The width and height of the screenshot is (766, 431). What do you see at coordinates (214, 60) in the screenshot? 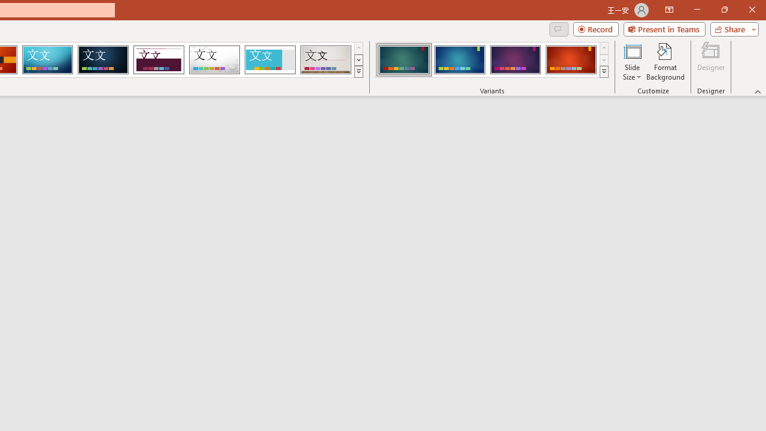
I see `'Droplet Loading Preview...'` at bounding box center [214, 60].